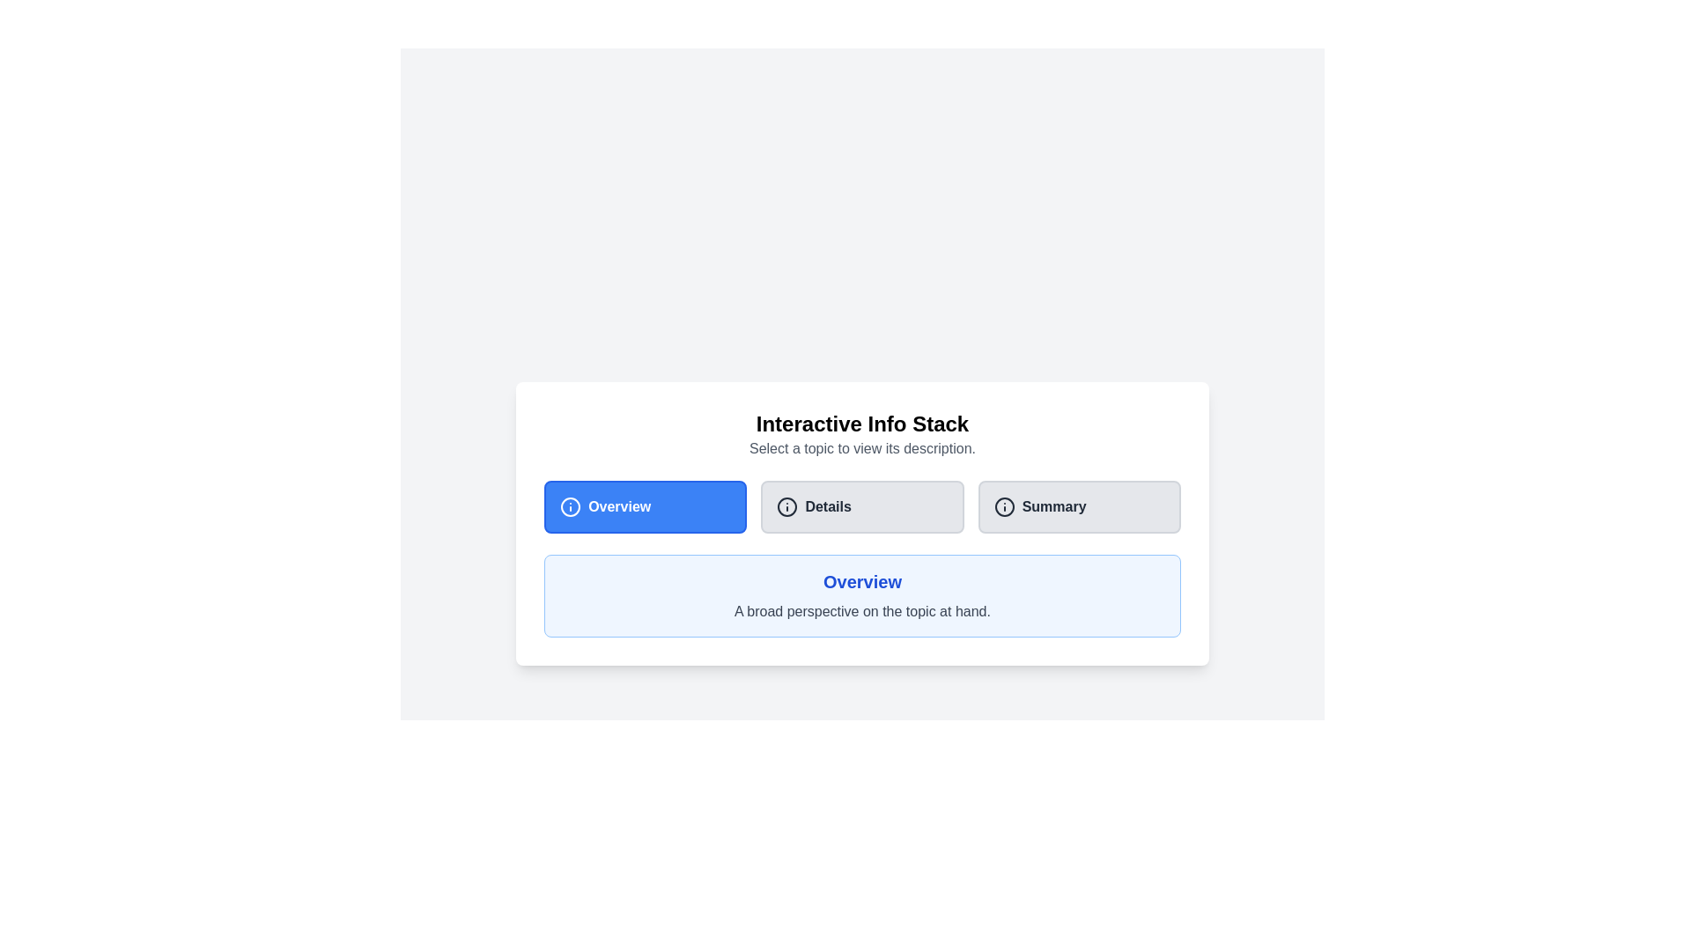  What do you see at coordinates (571, 506) in the screenshot?
I see `the central circular part of the SVG icon located to the left of the 'Details' button in the 'Overview' section` at bounding box center [571, 506].